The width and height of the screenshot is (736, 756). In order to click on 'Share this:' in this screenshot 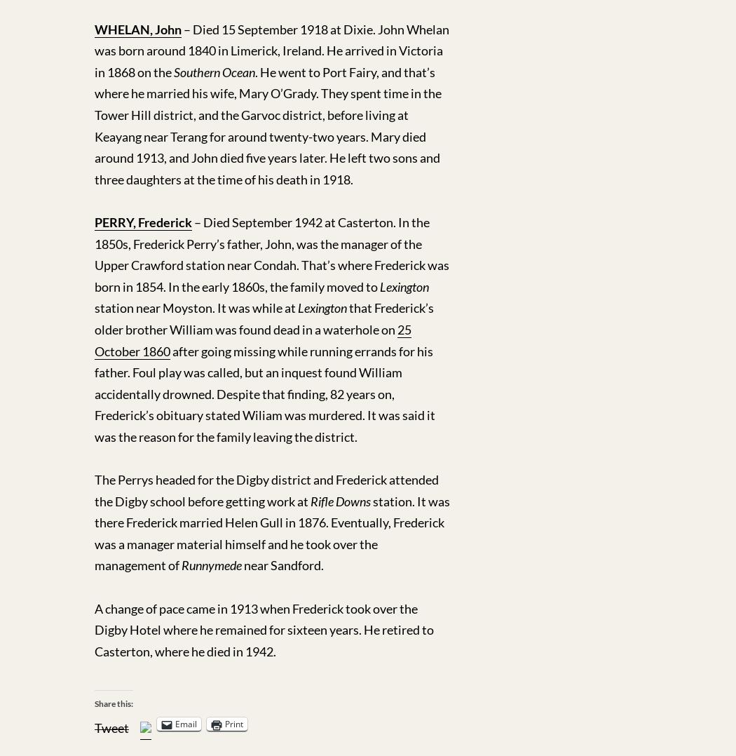, I will do `click(114, 703)`.